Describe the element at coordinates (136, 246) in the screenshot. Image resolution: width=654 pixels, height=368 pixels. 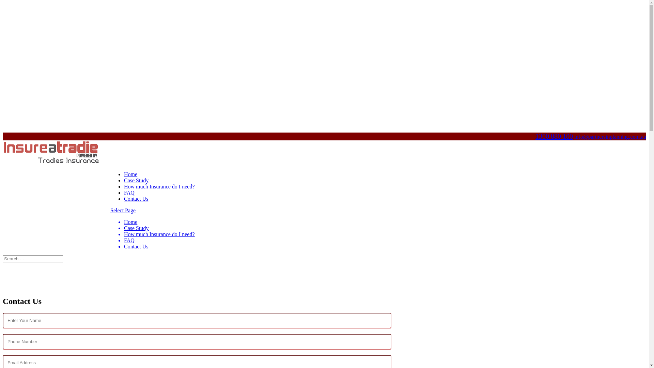
I see `'Contact Us'` at that location.